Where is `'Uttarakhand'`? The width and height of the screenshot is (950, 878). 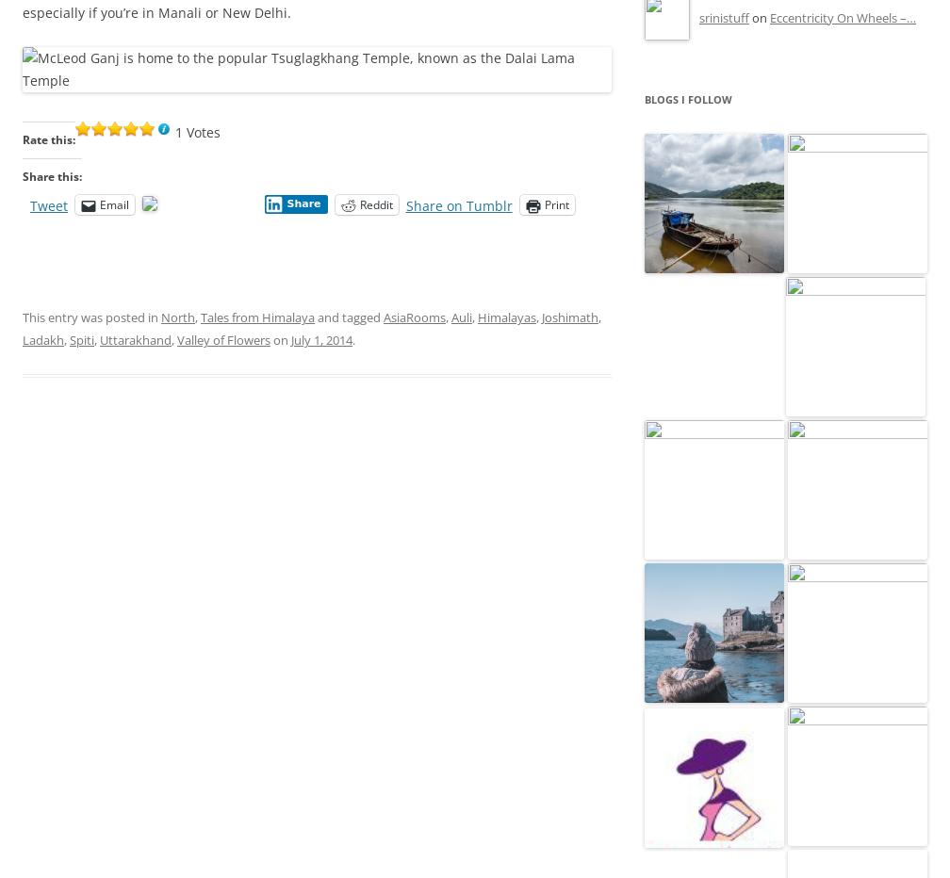 'Uttarakhand' is located at coordinates (136, 338).